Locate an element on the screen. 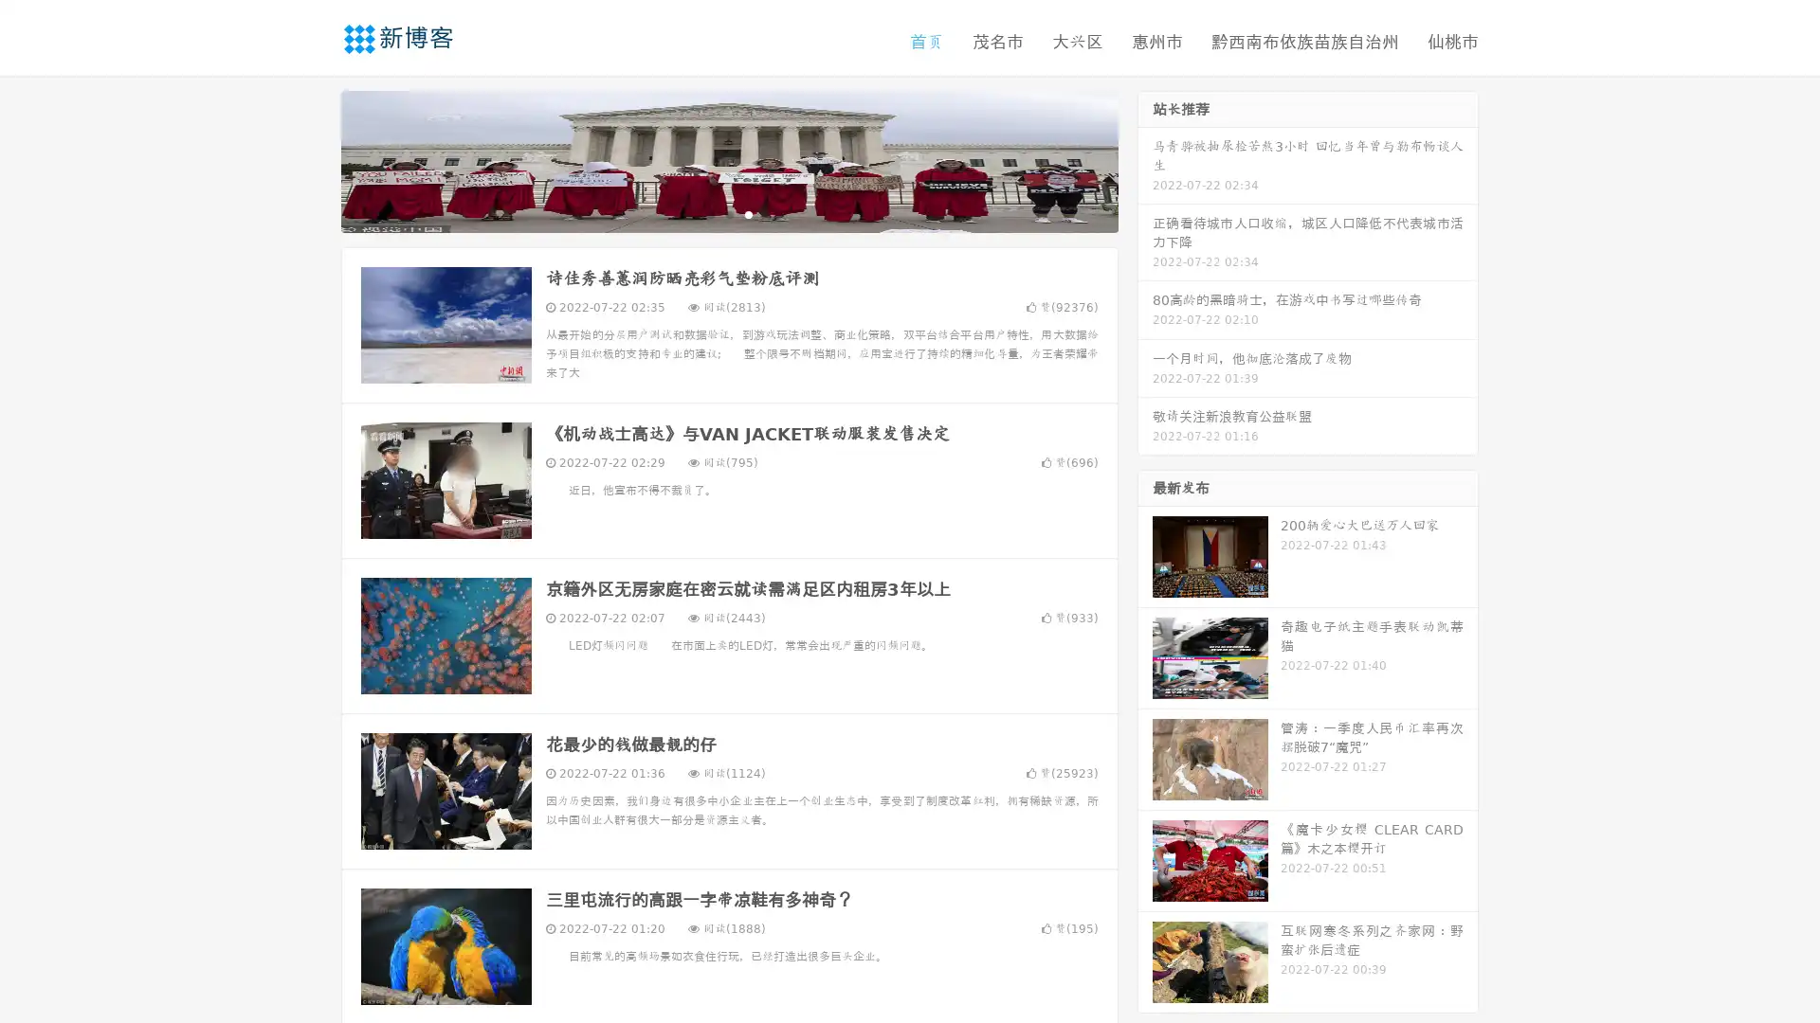  Go to slide 1 is located at coordinates (709, 213).